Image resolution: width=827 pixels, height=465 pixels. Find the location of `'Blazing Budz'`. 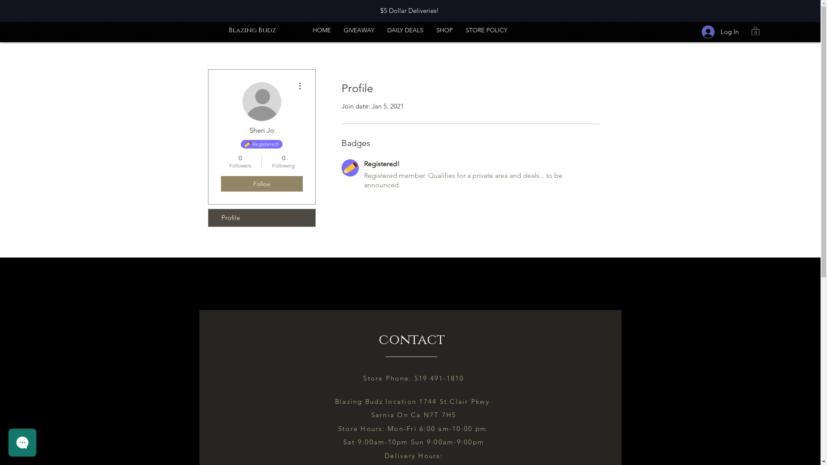

'Blazing Budz' is located at coordinates (252, 29).